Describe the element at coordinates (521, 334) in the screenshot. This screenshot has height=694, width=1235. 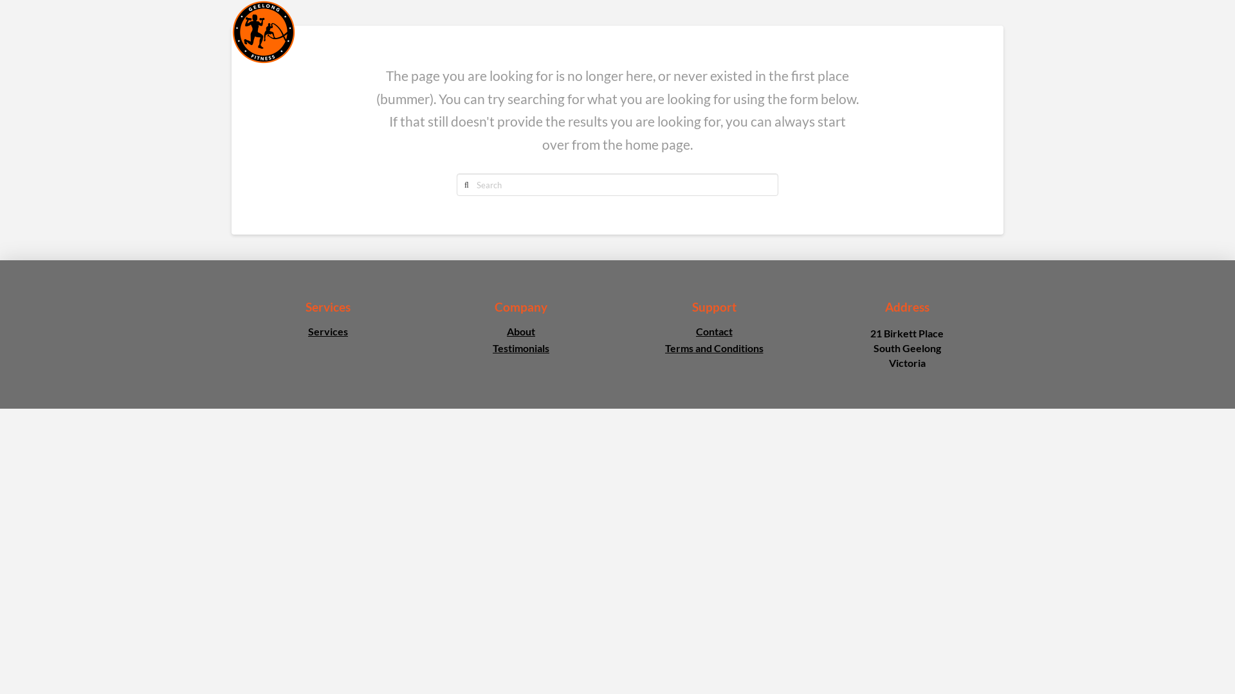
I see `'About'` at that location.